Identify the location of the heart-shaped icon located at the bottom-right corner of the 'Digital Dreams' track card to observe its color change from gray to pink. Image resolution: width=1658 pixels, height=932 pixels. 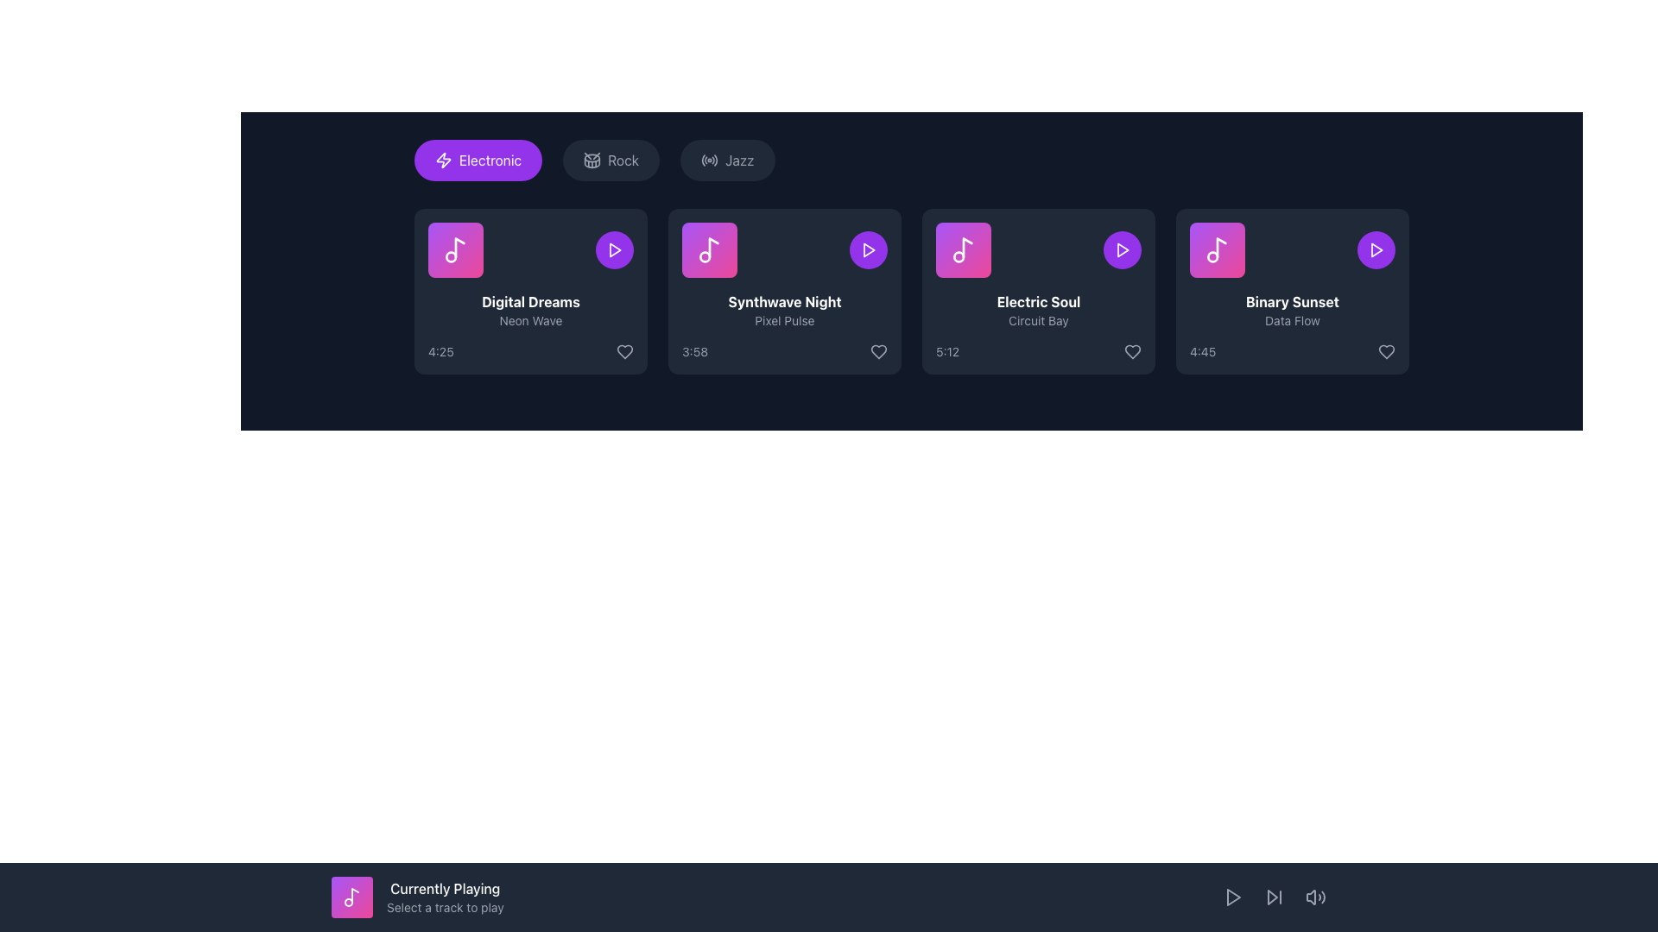
(624, 351).